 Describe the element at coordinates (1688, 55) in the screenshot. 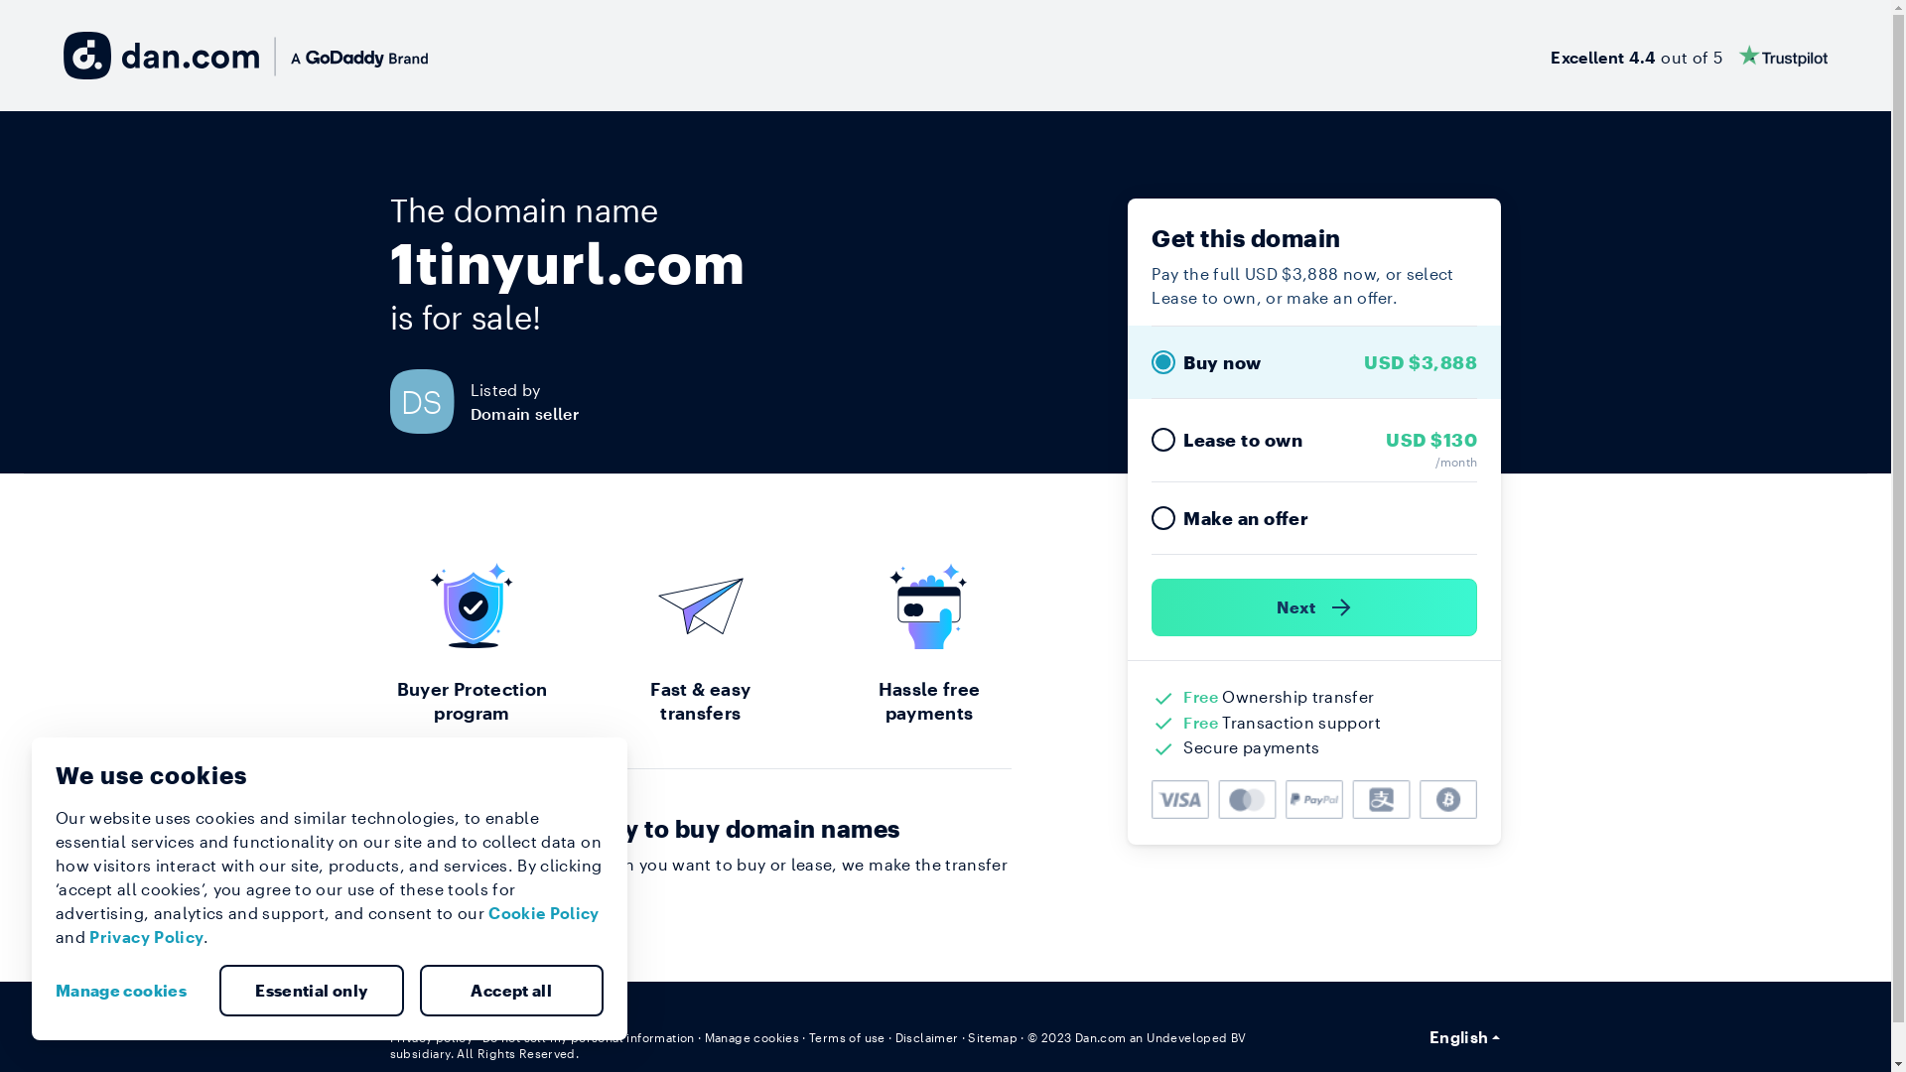

I see `'Excellent 4.4 out of 5'` at that location.